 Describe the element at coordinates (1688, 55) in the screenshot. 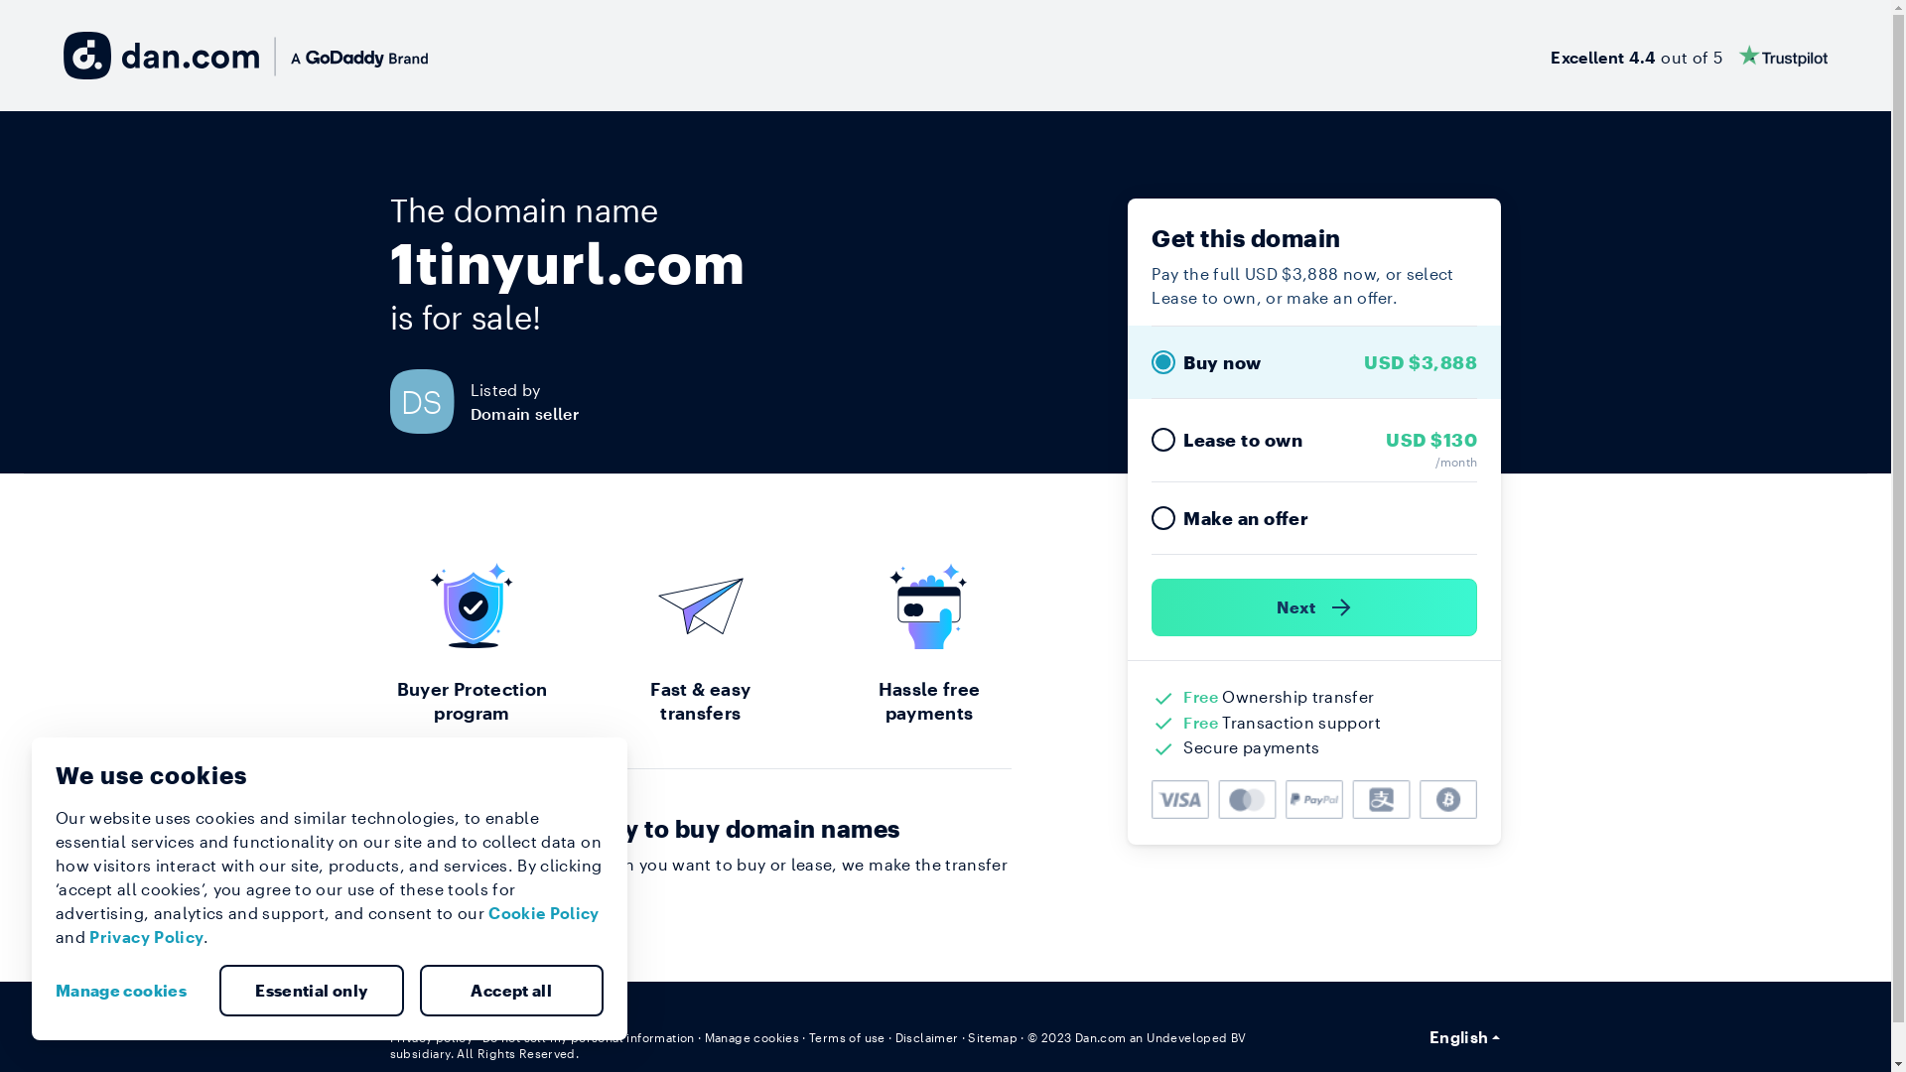

I see `'Excellent 4.4 out of 5'` at that location.